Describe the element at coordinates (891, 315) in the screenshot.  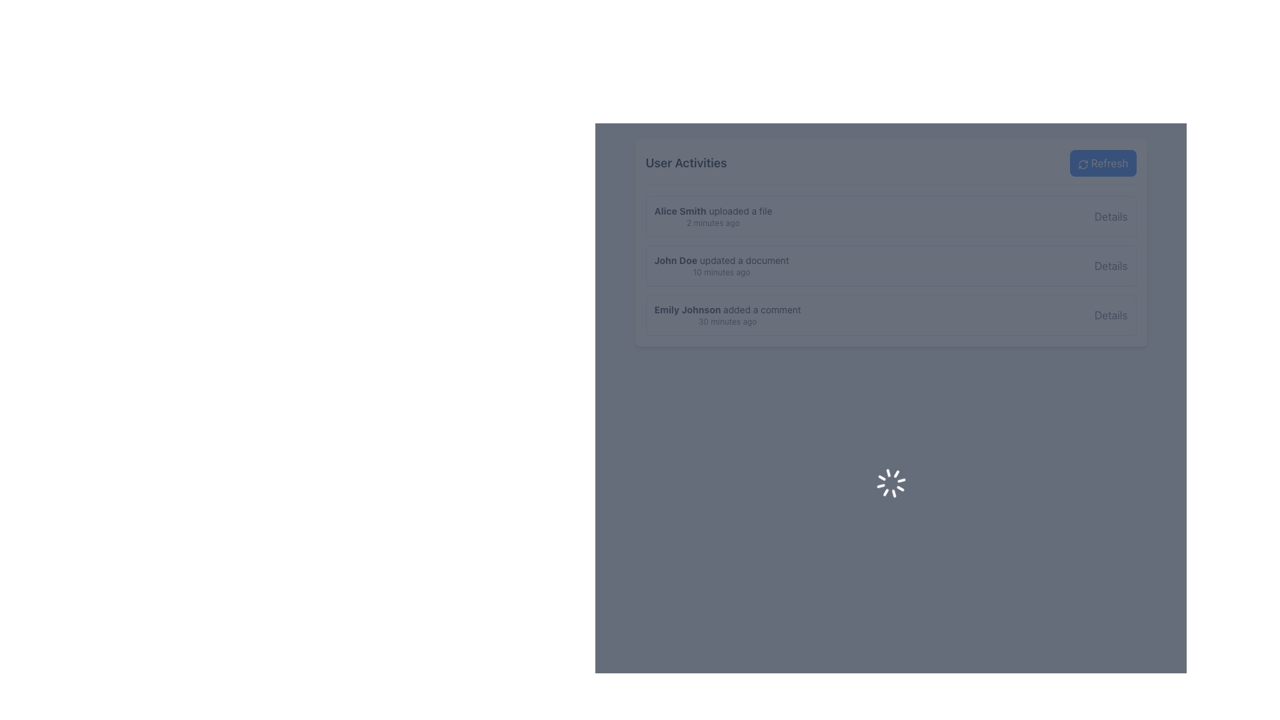
I see `the list item entry indicating 'Emily Johnson added a comment', which includes a timestamp and a 'Details' link, located in the third position of the user activity list` at that location.